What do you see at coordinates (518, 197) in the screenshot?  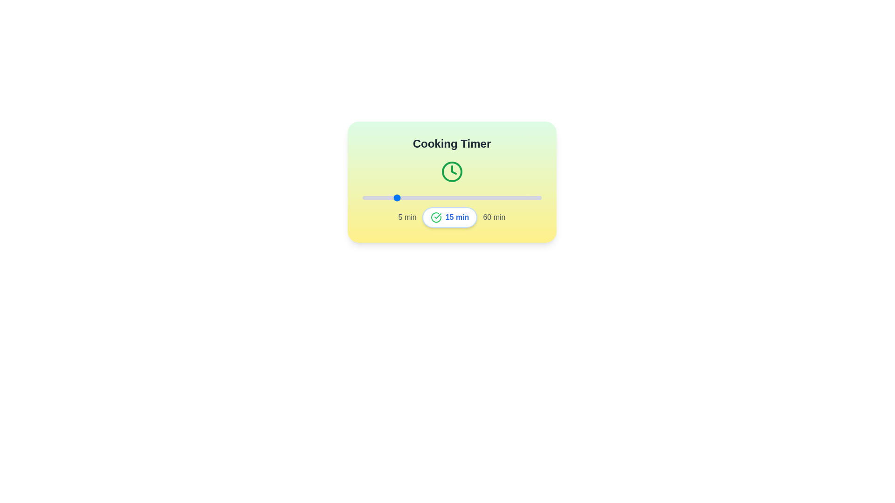 I see `the timer` at bounding box center [518, 197].